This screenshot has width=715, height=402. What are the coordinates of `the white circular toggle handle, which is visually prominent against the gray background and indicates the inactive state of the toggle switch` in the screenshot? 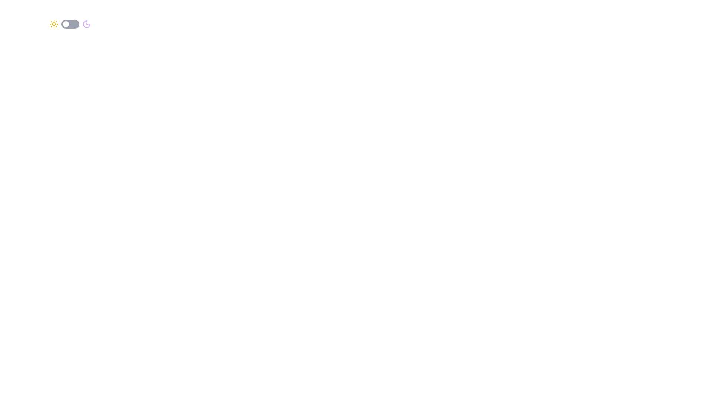 It's located at (66, 24).